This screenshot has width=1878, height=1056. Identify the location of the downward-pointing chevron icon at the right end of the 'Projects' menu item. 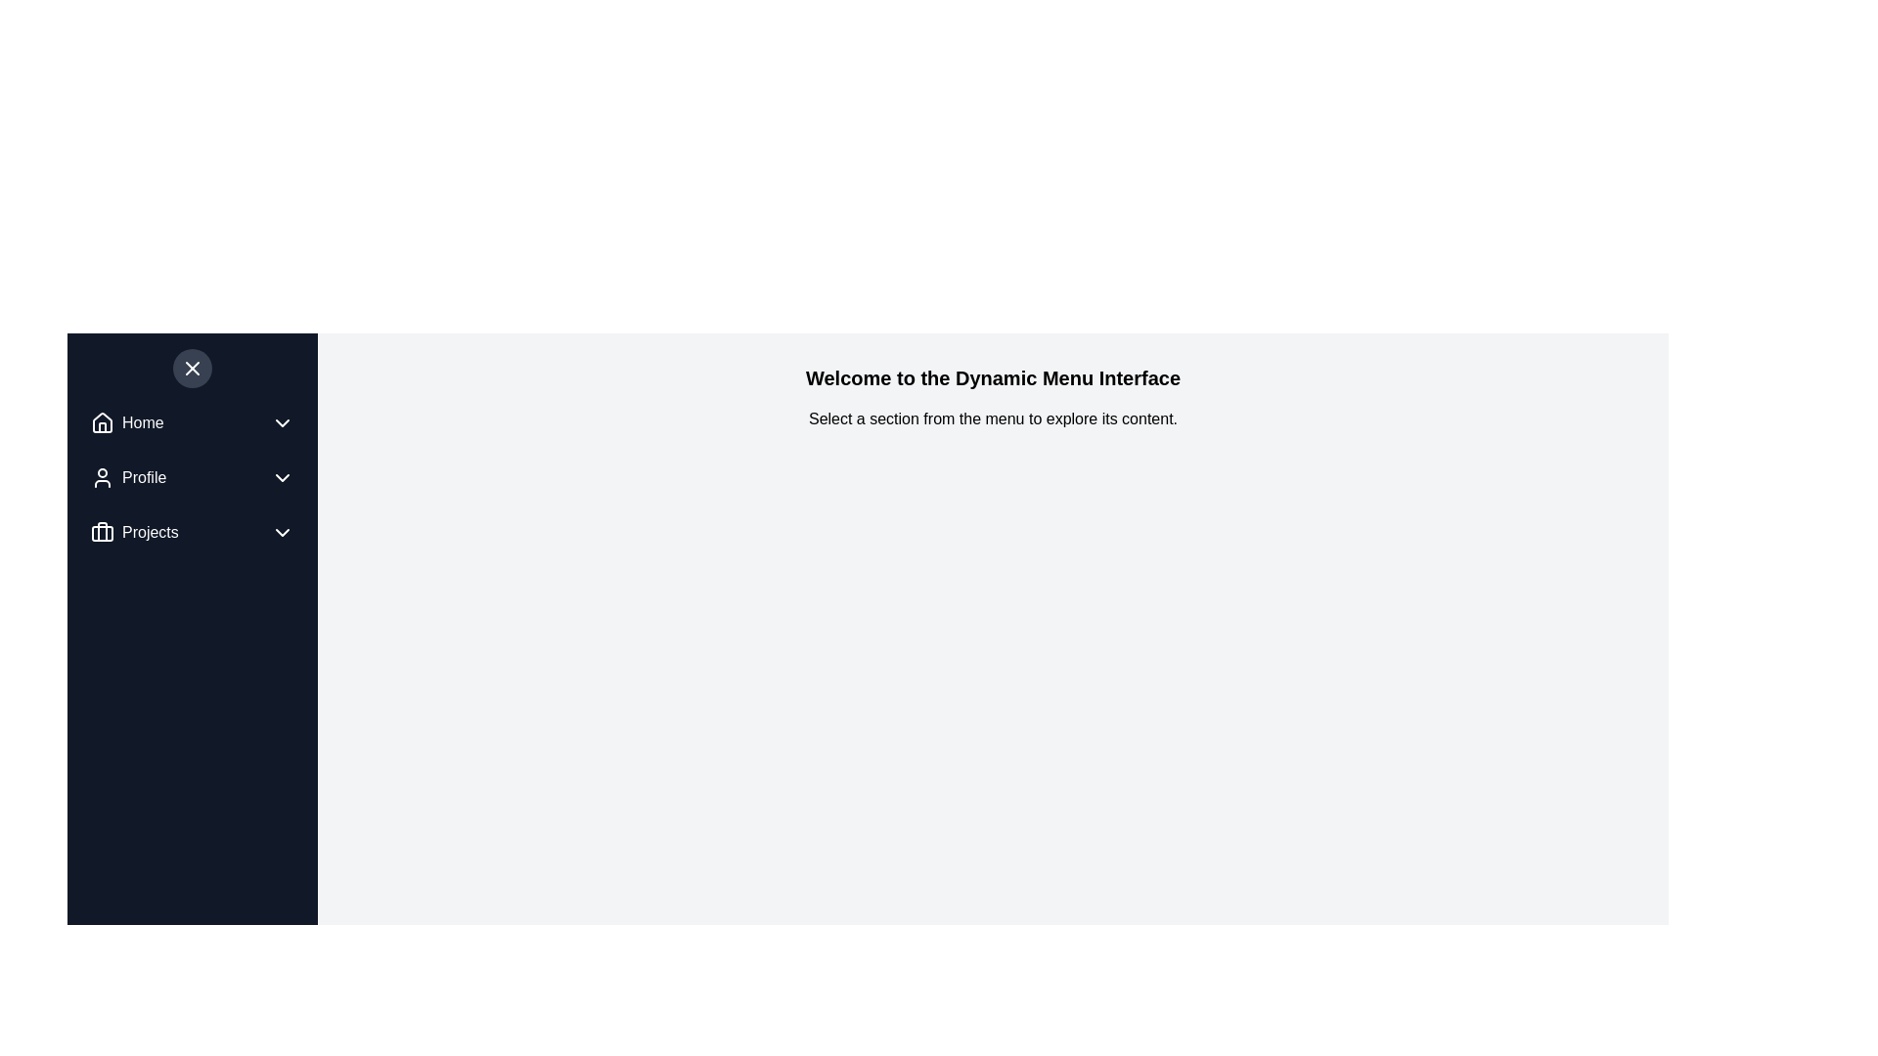
(281, 532).